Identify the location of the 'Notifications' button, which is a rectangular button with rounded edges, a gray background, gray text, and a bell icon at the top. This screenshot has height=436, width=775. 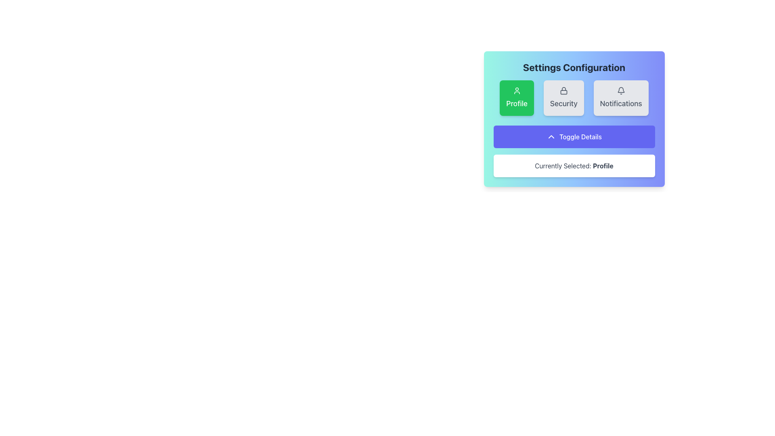
(620, 98).